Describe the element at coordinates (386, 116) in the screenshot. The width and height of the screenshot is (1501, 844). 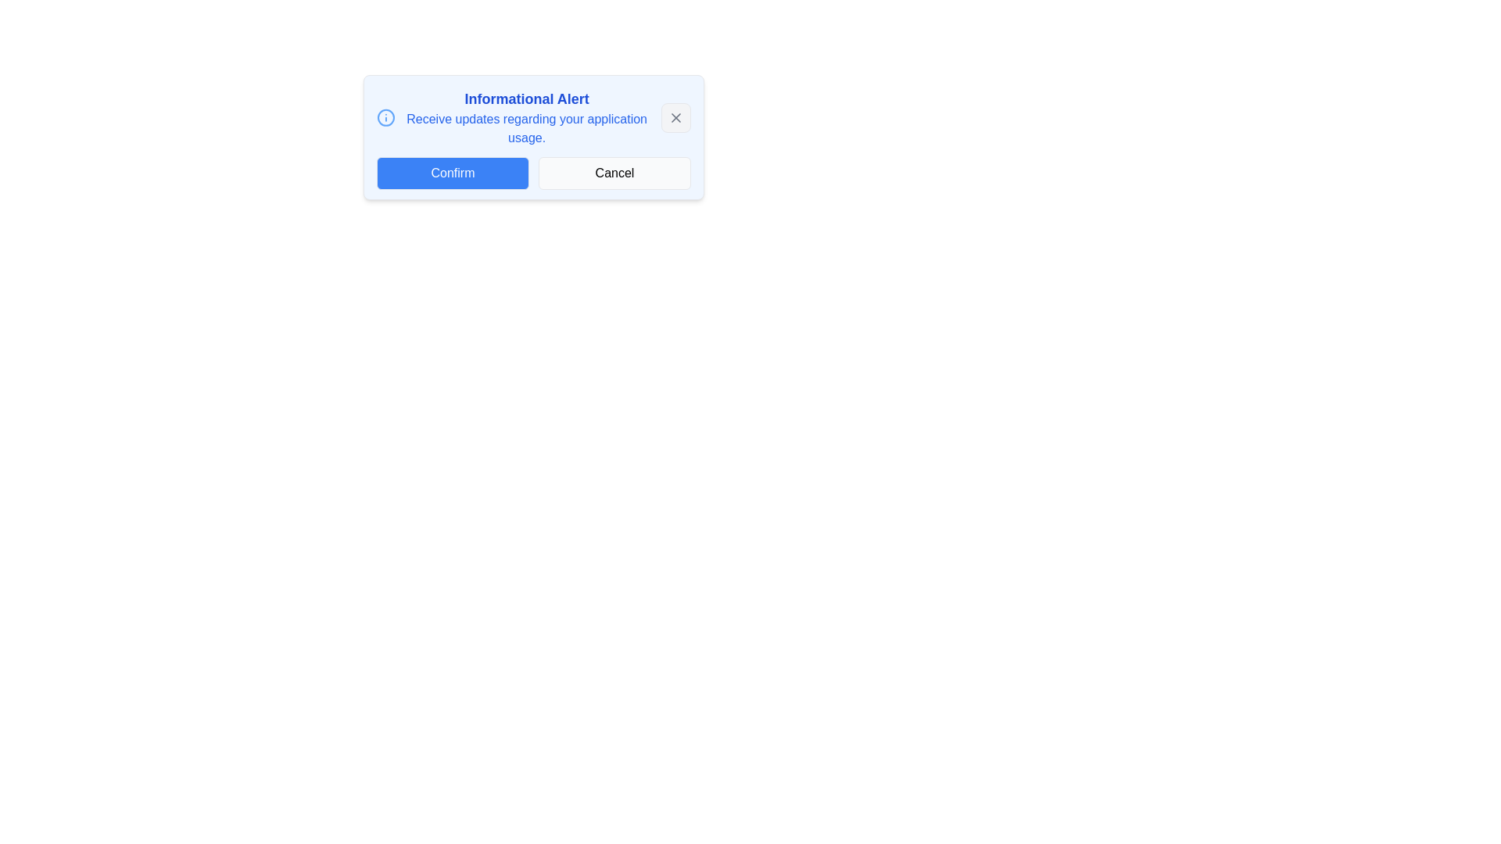
I see `the informational icon located to the left of the 'Informational Alert' text, which provides a visual cue about the content` at that location.